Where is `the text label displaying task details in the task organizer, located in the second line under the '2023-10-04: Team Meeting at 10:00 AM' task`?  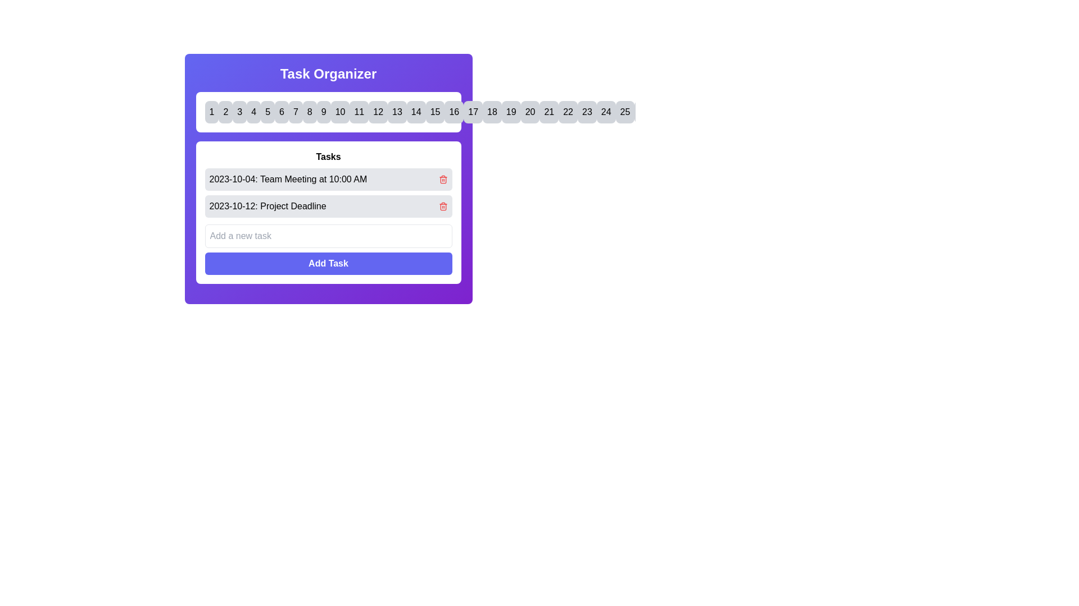
the text label displaying task details in the task organizer, located in the second line under the '2023-10-04: Team Meeting at 10:00 AM' task is located at coordinates (267, 206).